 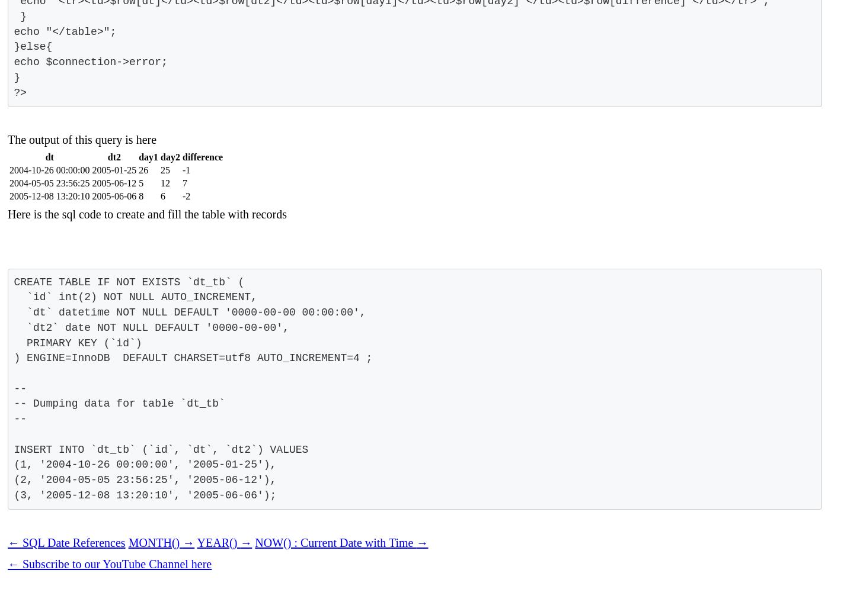 I want to click on 'dt2', so click(x=113, y=156).